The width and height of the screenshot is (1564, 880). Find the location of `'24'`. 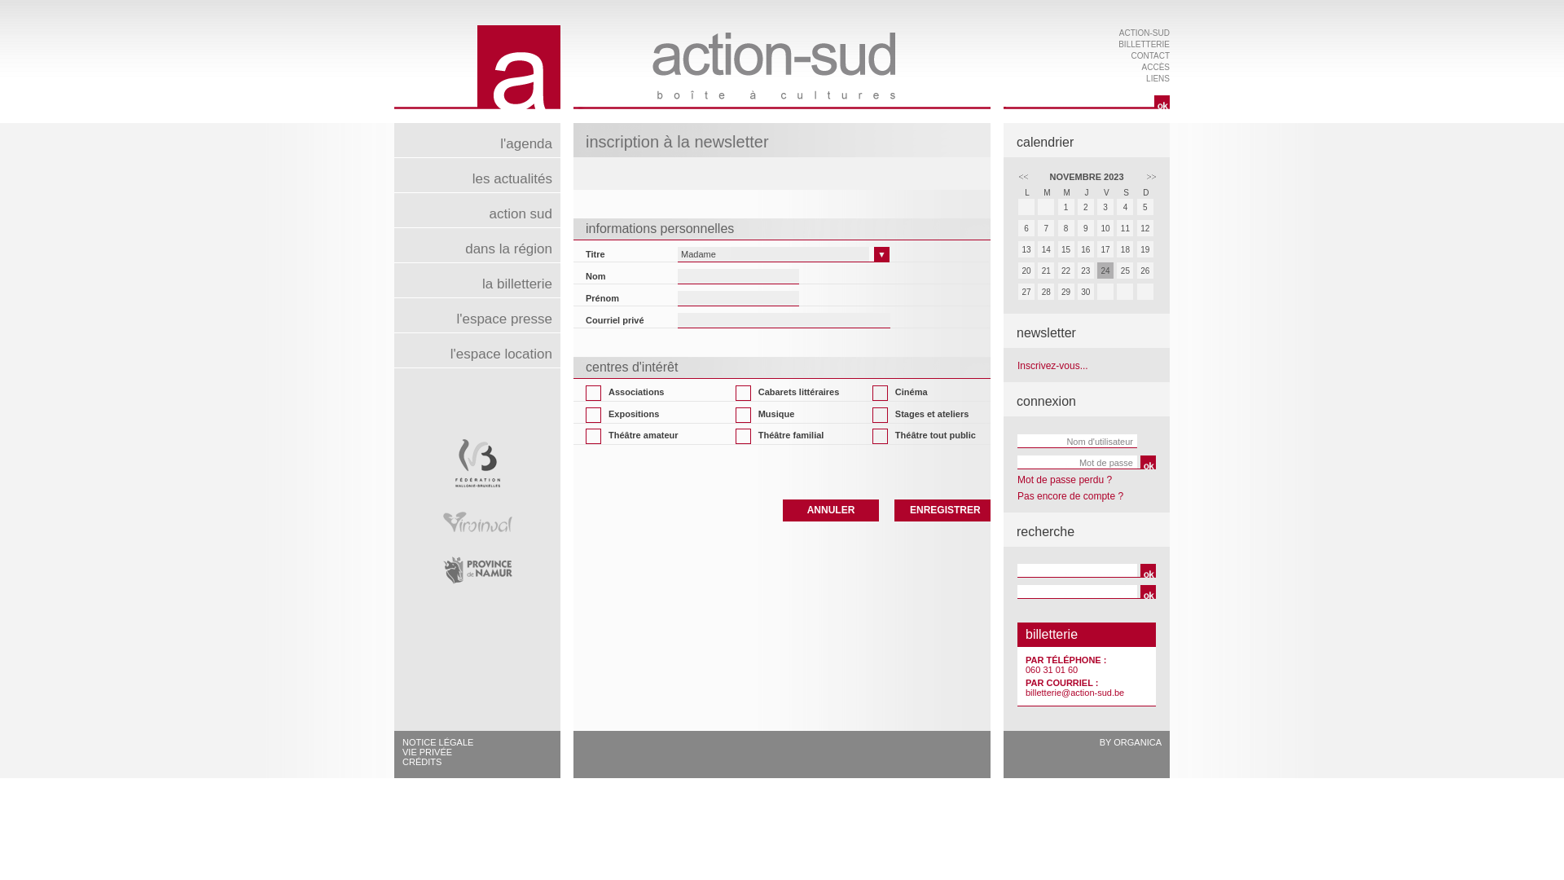

'24' is located at coordinates (1106, 271).